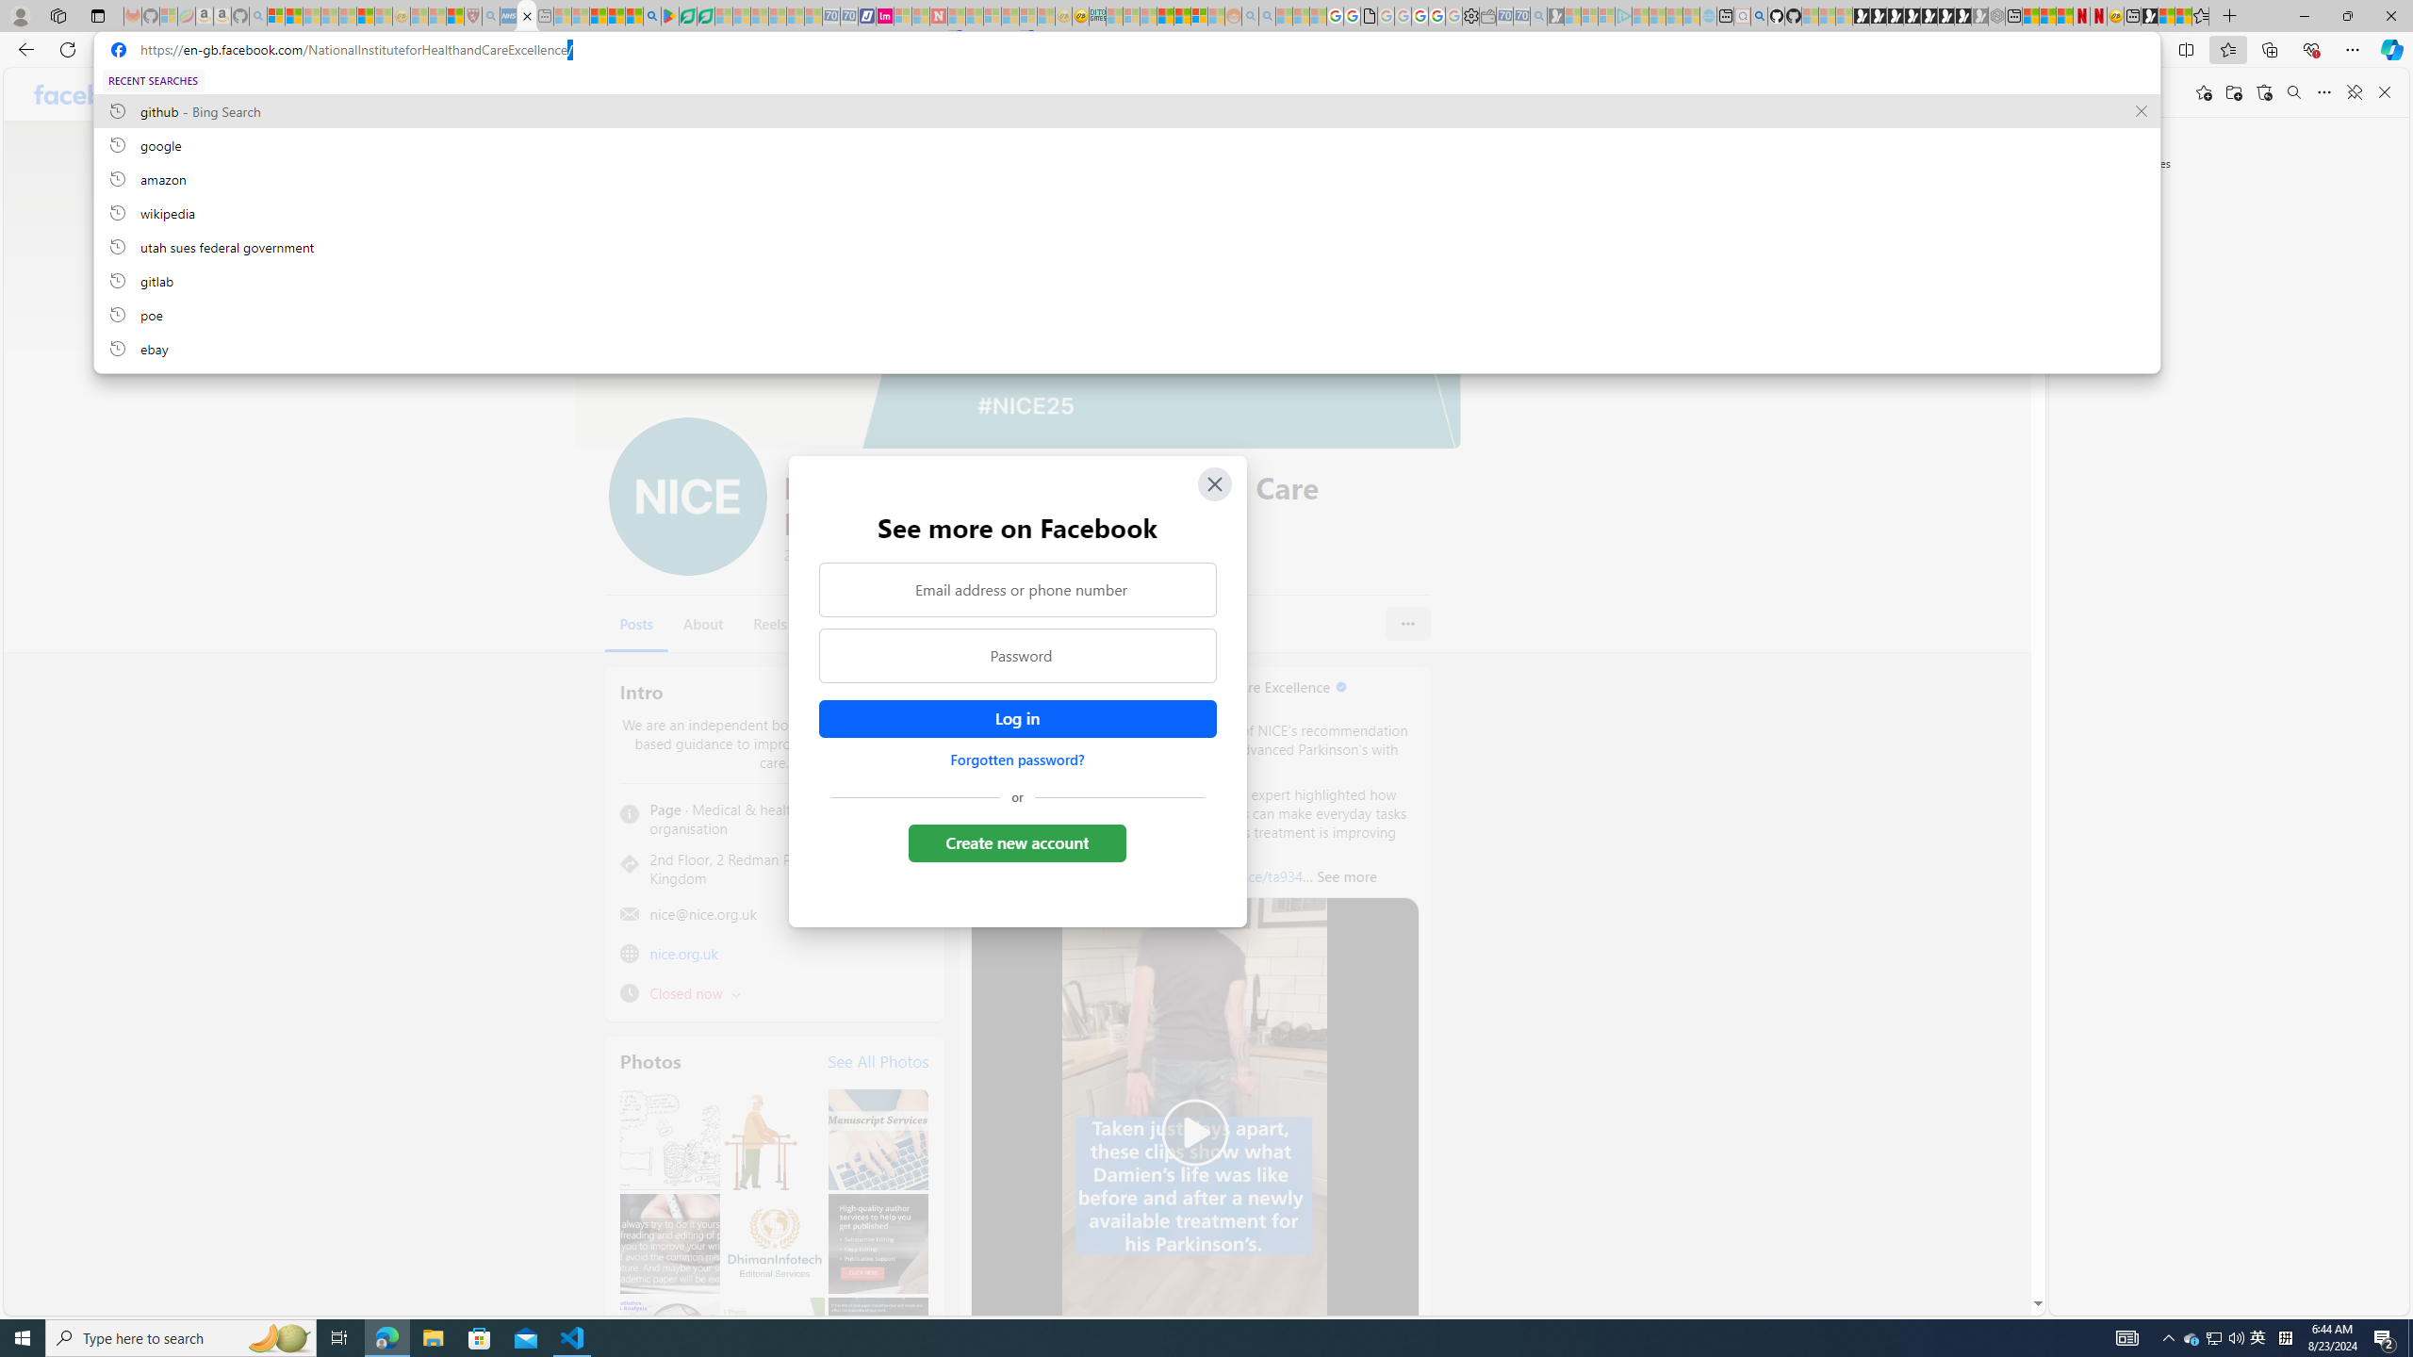  What do you see at coordinates (1017, 656) in the screenshot?
I see `'Password'` at bounding box center [1017, 656].